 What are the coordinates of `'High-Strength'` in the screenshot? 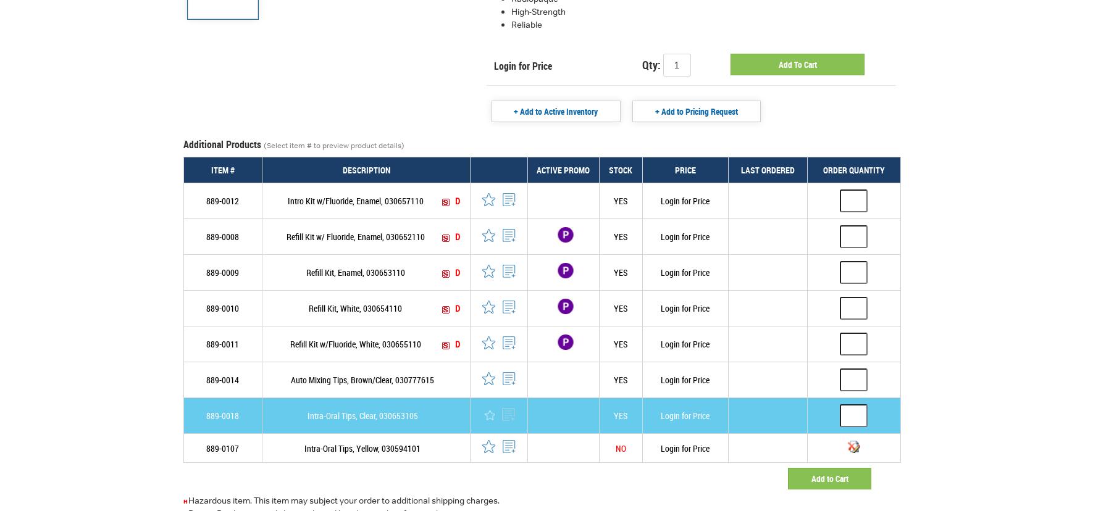 It's located at (538, 10).